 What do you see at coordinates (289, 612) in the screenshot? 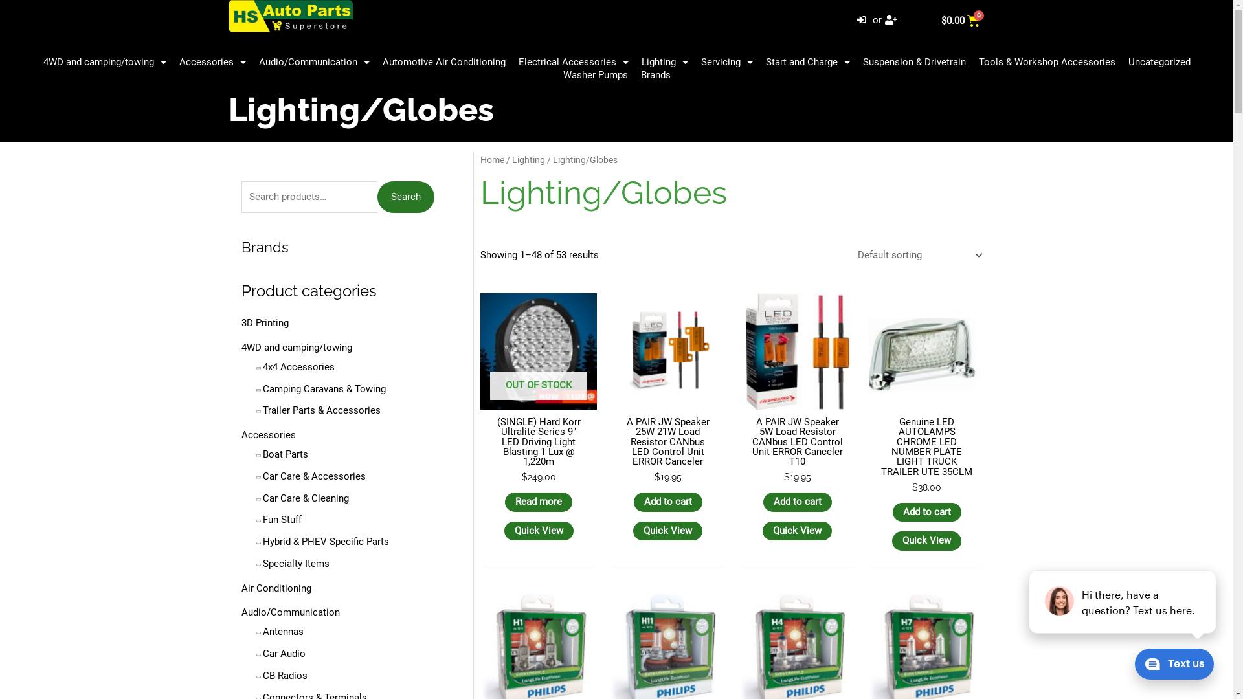
I see `'Audio/Communication'` at bounding box center [289, 612].